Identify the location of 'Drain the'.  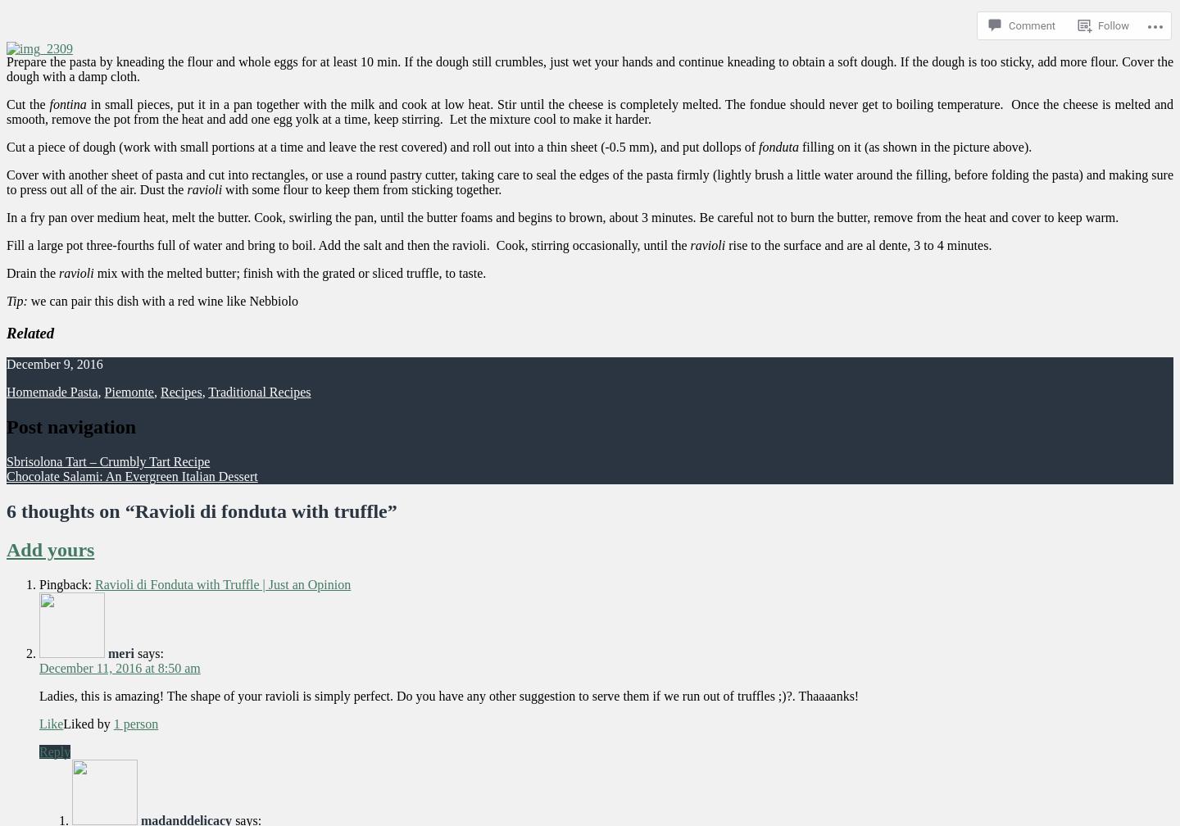
(31, 272).